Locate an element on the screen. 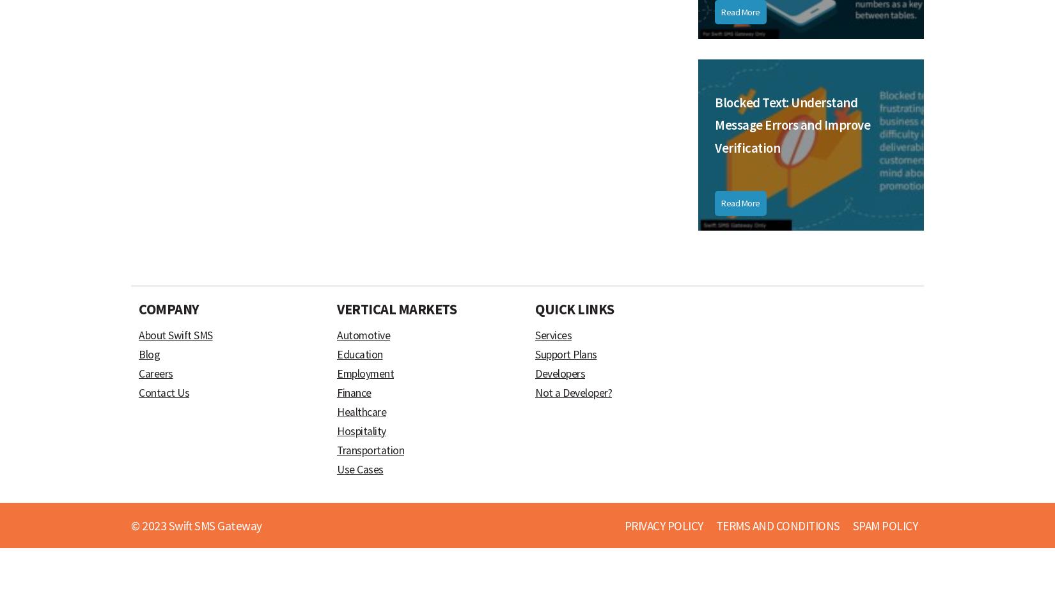 Image resolution: width=1055 pixels, height=598 pixels. 'Blog' is located at coordinates (138, 353).